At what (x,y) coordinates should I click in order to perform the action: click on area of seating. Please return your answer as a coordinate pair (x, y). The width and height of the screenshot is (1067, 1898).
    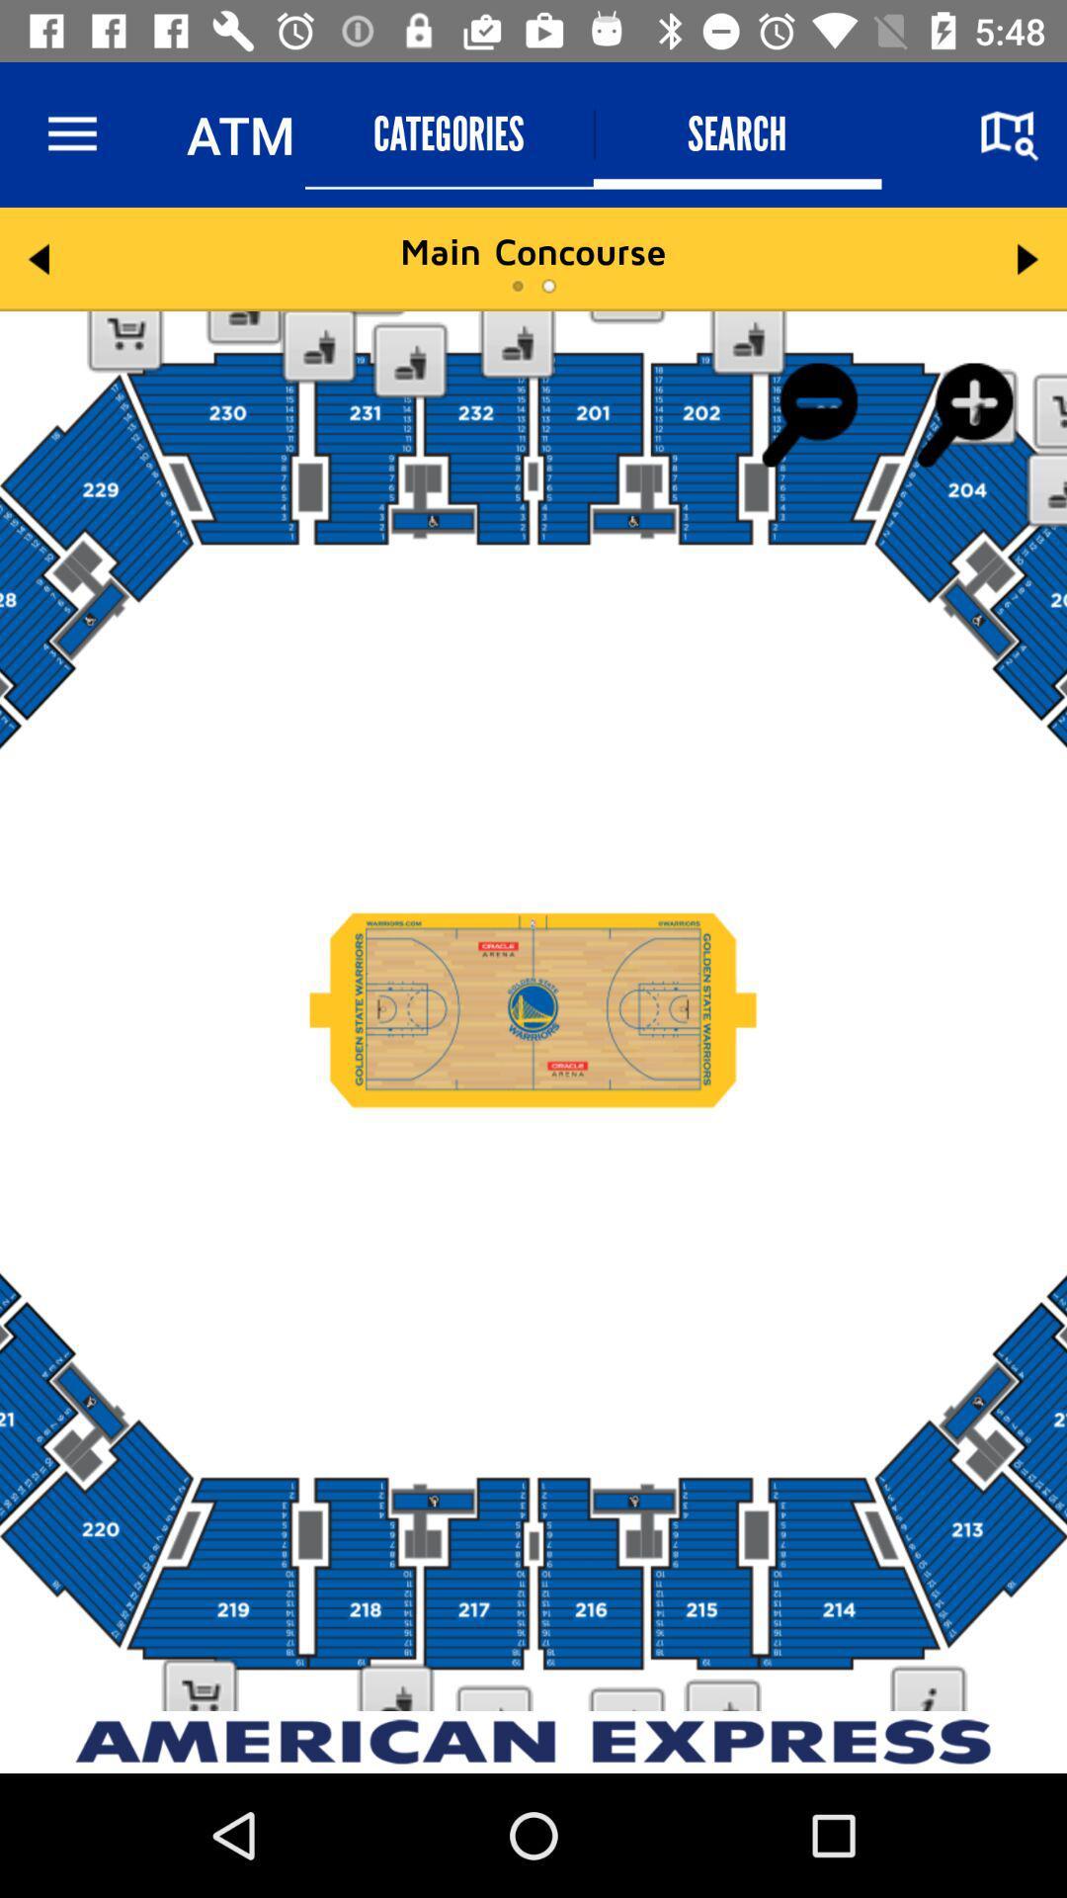
    Looking at the image, I should click on (533, 1010).